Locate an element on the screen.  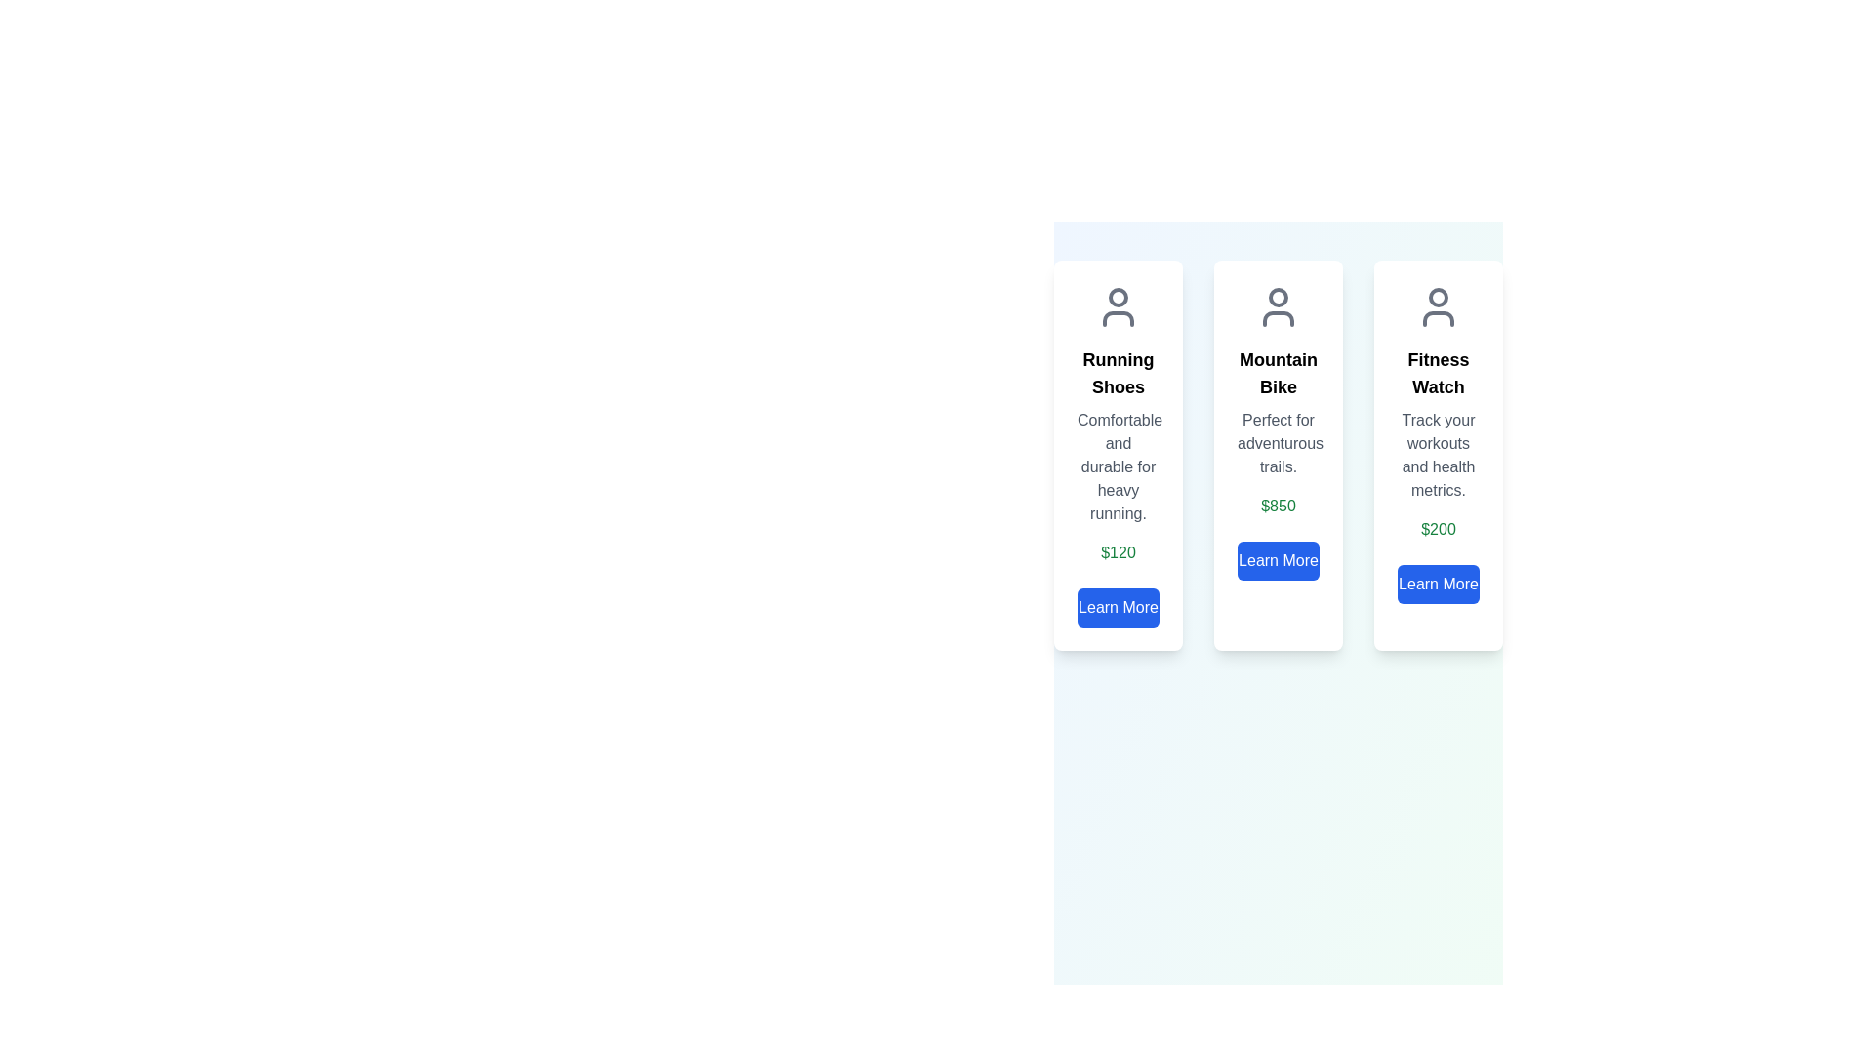
the Informational Text Block displaying the phrase 'Track your workouts and health metrics.' which is located below the title 'Fitness Watch' and above the price '$200' is located at coordinates (1438, 455).